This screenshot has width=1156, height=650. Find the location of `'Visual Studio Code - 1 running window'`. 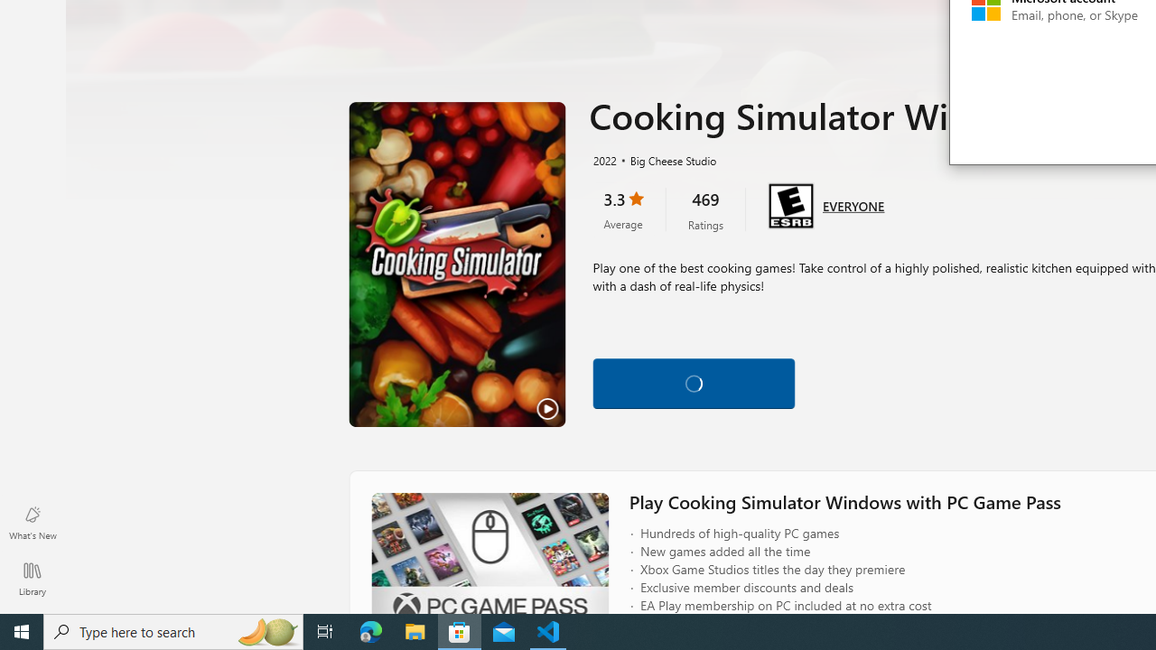

'Visual Studio Code - 1 running window' is located at coordinates (547, 630).